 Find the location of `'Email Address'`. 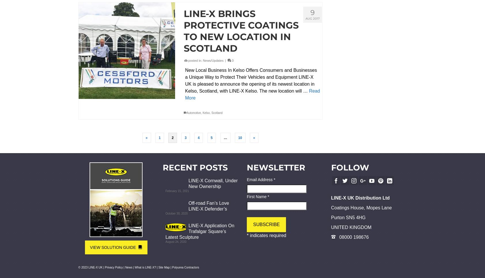

'Email Address' is located at coordinates (246, 180).